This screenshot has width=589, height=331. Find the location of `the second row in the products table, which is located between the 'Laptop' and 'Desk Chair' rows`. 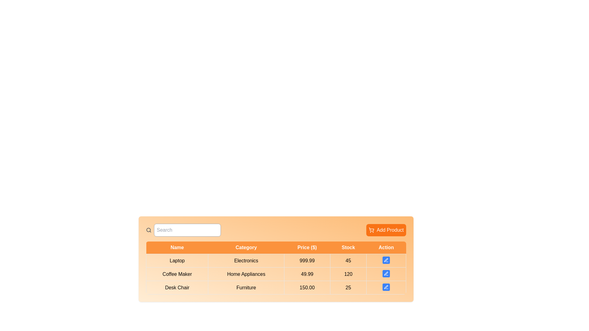

the second row in the products table, which is located between the 'Laptop' and 'Desk Chair' rows is located at coordinates (276, 274).